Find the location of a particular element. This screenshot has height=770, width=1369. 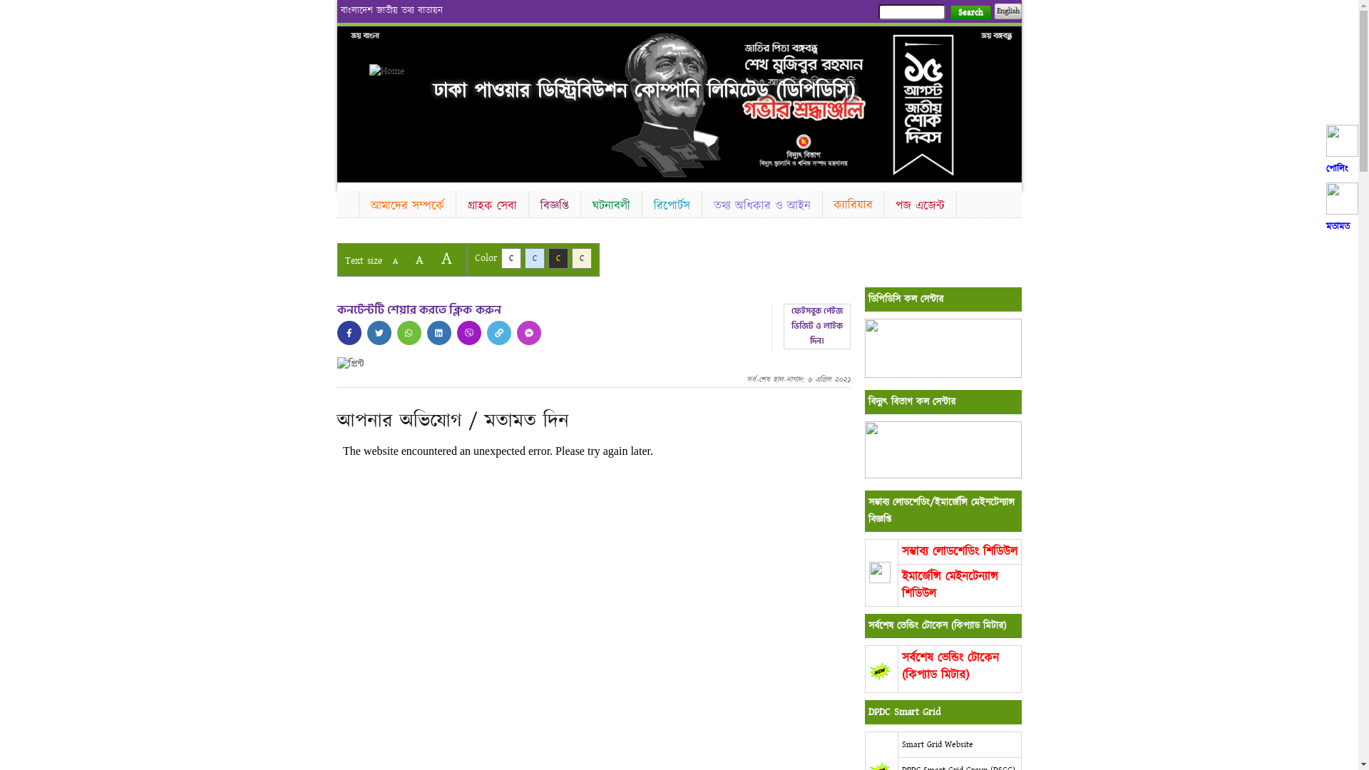

'C' is located at coordinates (571, 258).